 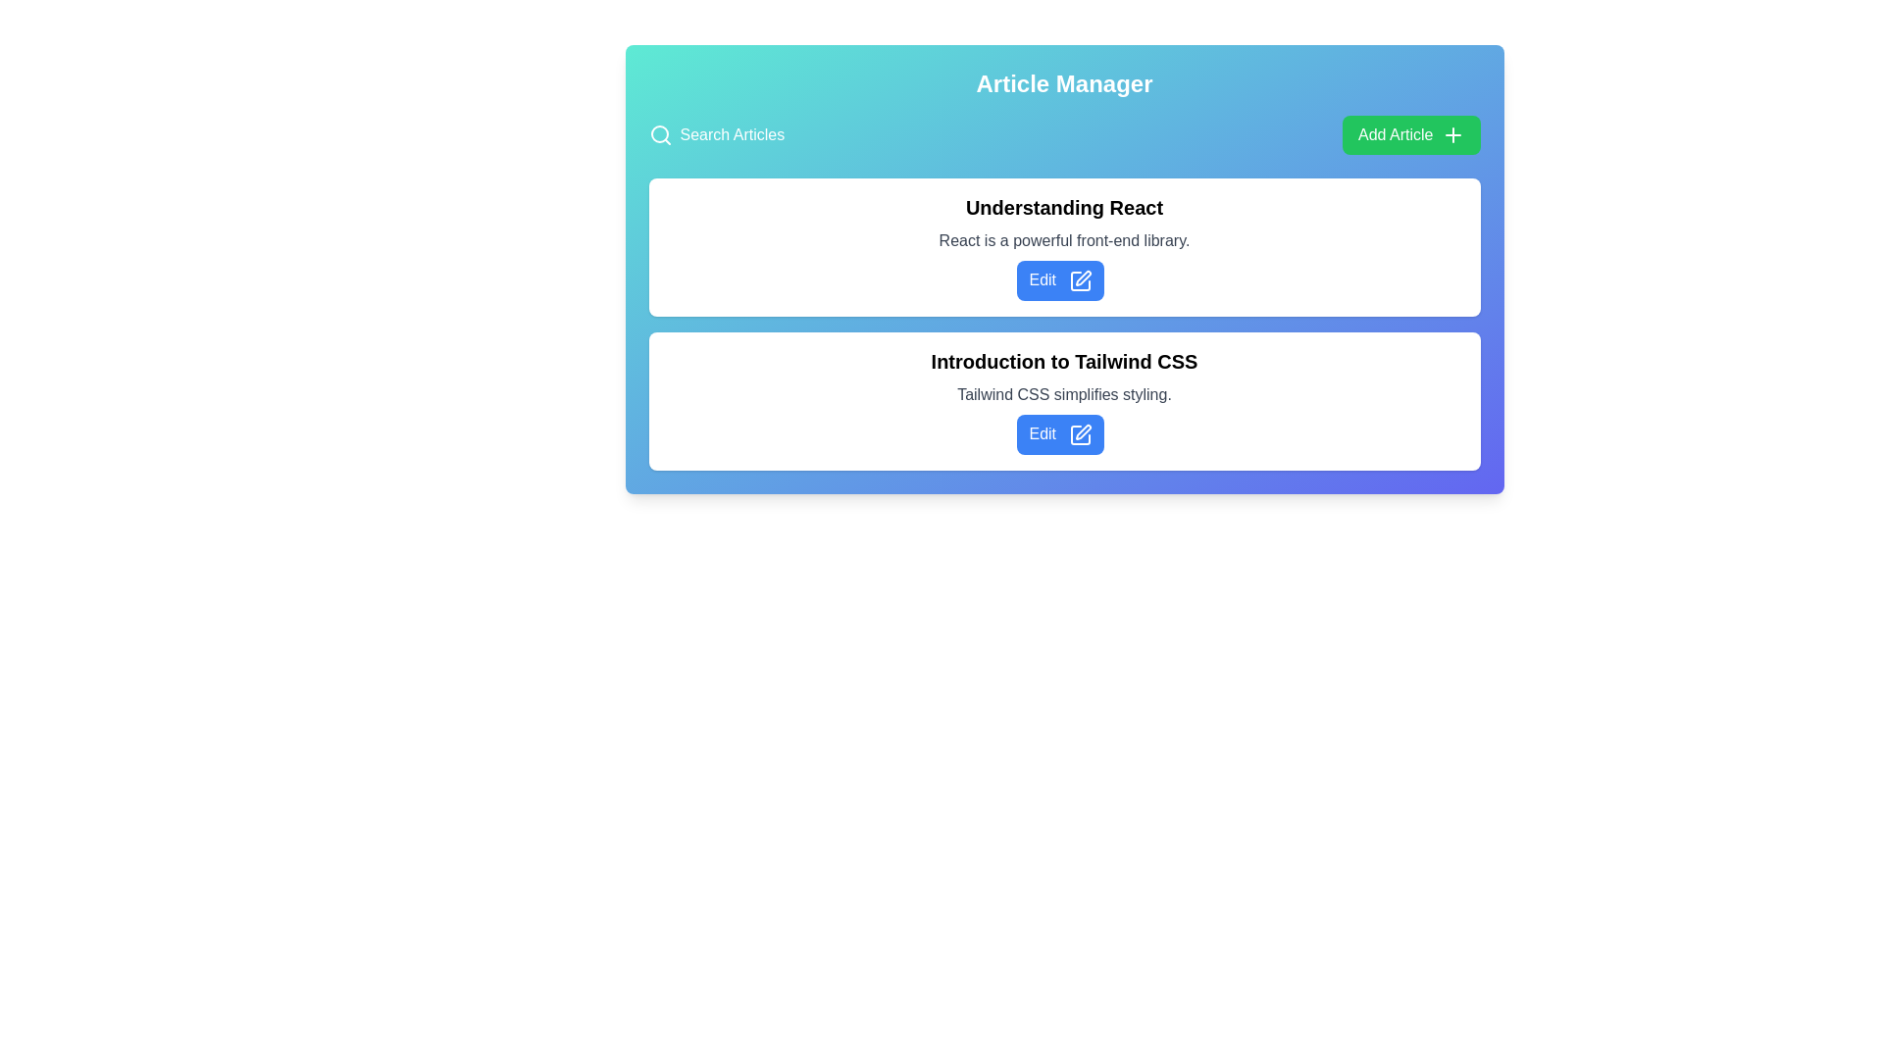 I want to click on descriptive text display element located directly below the title 'Understanding React', which provides additional information about the topic, so click(x=1063, y=240).